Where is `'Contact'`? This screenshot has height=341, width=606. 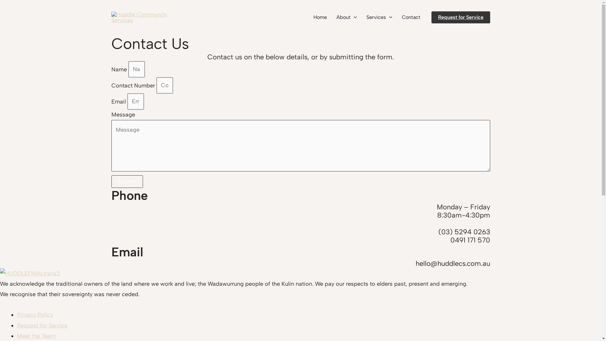 'Contact' is located at coordinates (411, 17).